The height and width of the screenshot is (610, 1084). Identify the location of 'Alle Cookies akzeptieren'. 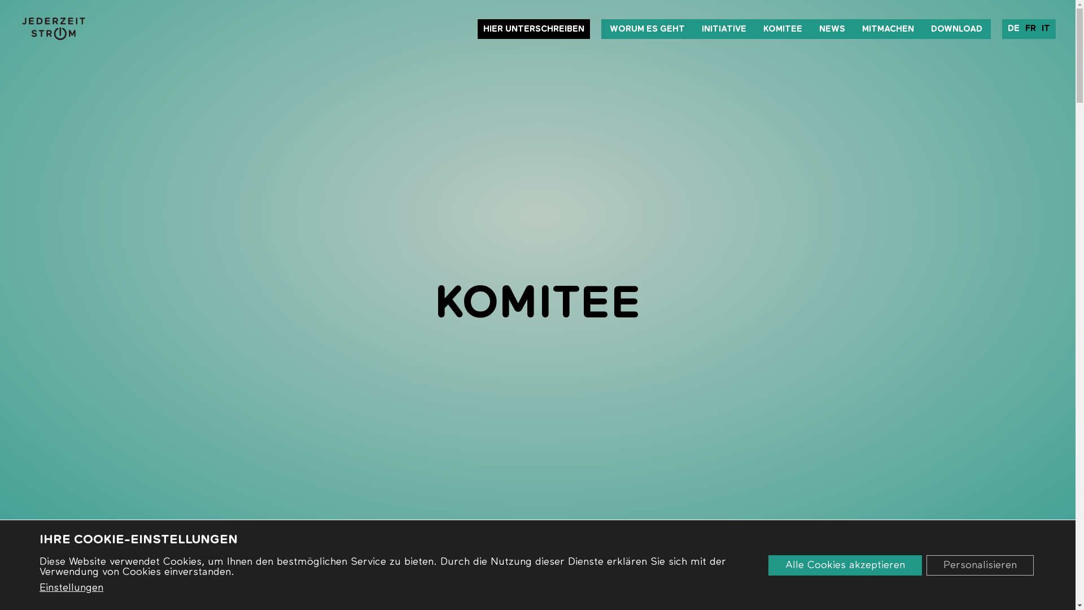
(845, 564).